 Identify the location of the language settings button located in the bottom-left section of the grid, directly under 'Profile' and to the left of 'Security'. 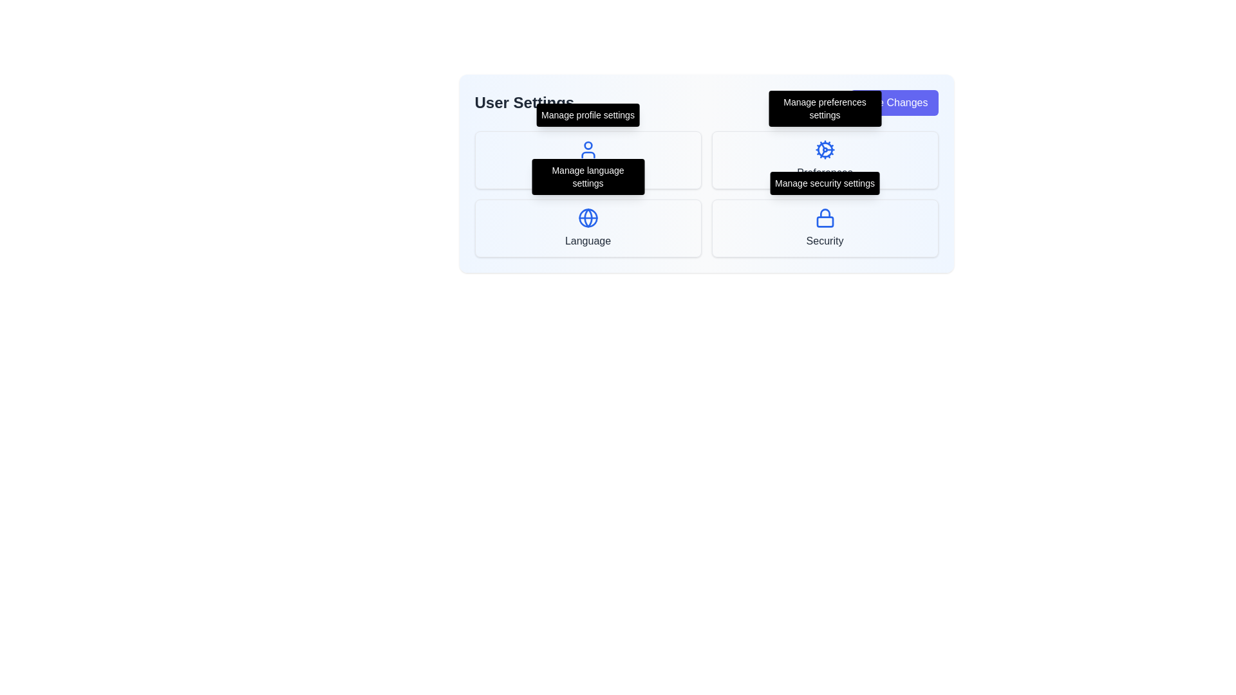
(587, 227).